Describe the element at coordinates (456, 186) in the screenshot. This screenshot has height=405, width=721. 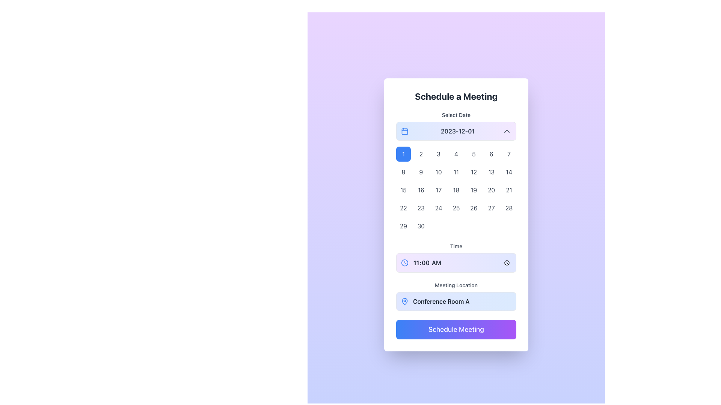
I see `the interactive cell in the calendar grid` at that location.